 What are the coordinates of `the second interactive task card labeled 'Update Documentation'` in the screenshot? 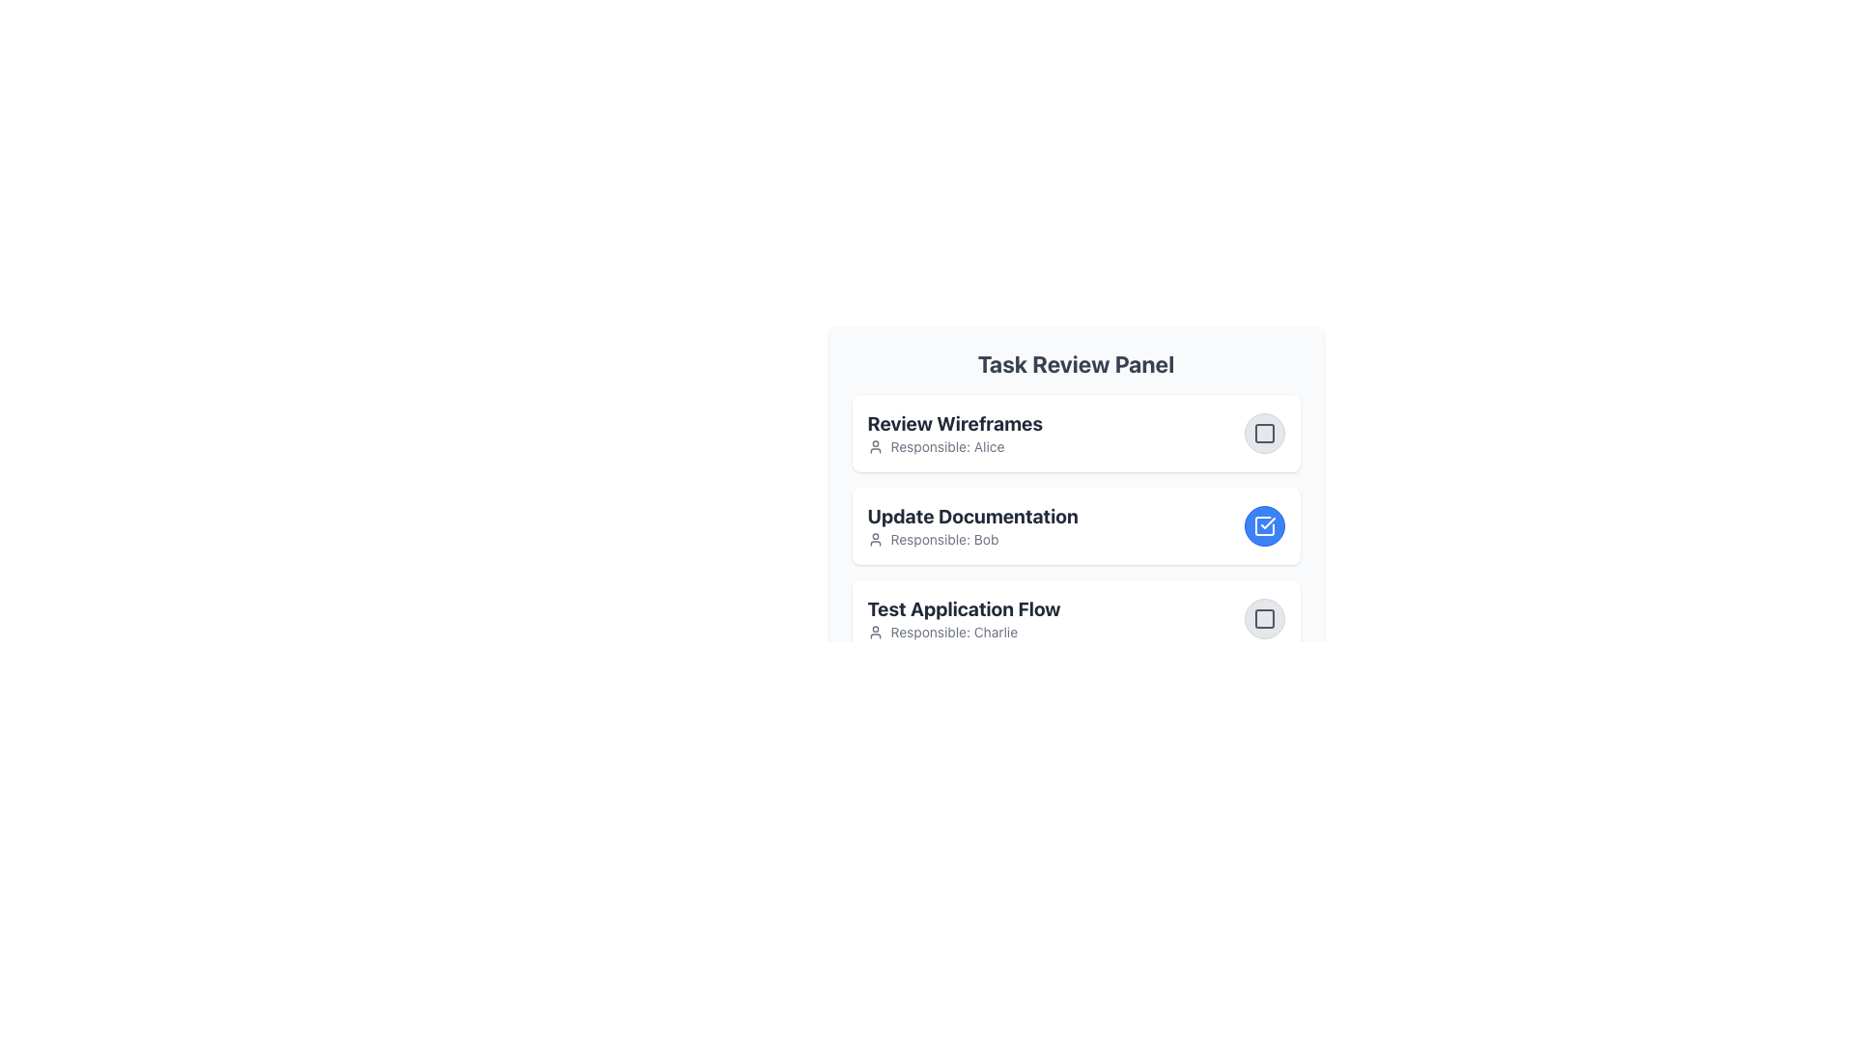 It's located at (1075, 501).